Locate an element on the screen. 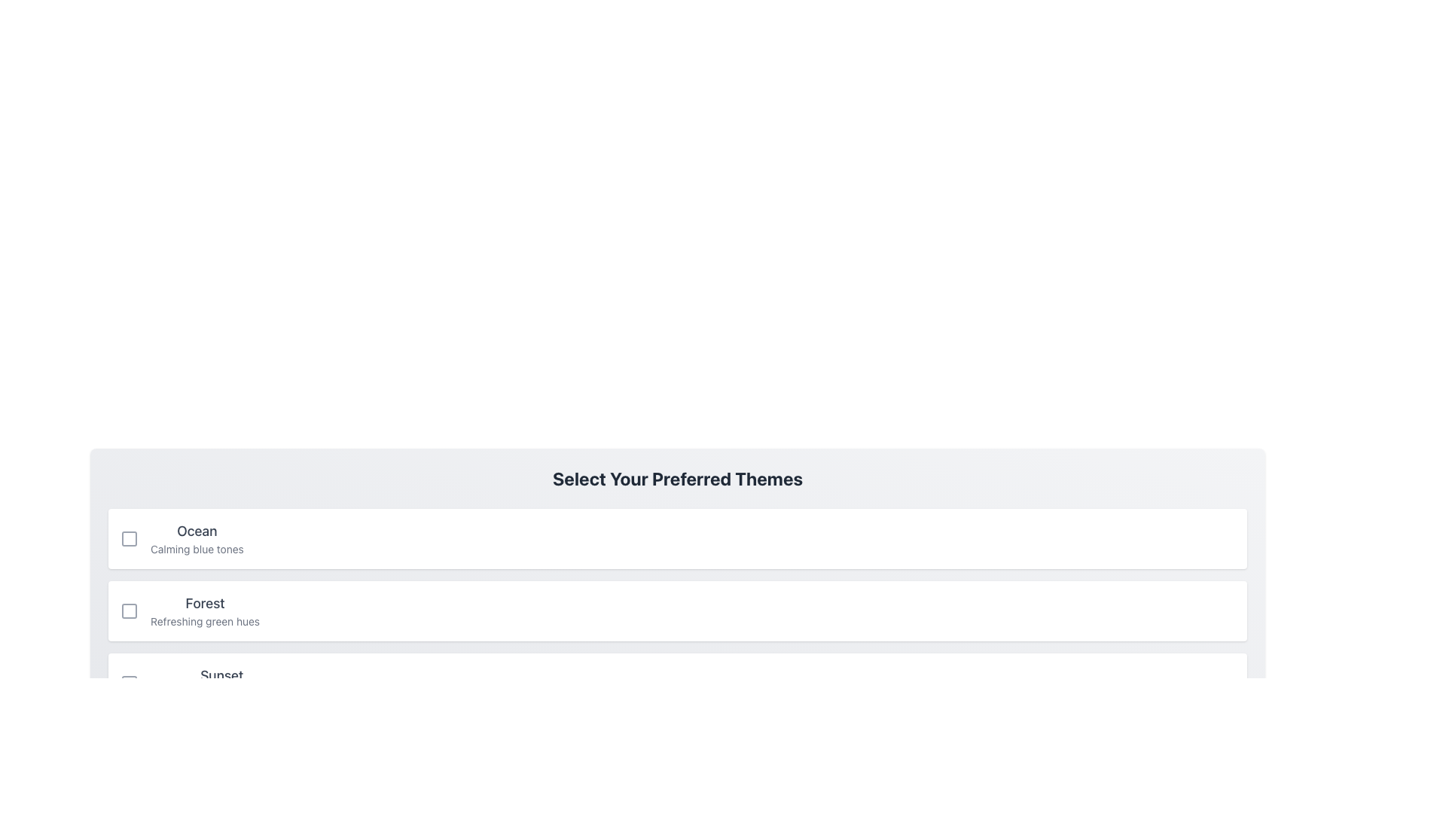  the text header labeled 'Select Your Preferred Themes', which is styled in bold, large gray font and positioned at the top of the content card is located at coordinates (677, 479).